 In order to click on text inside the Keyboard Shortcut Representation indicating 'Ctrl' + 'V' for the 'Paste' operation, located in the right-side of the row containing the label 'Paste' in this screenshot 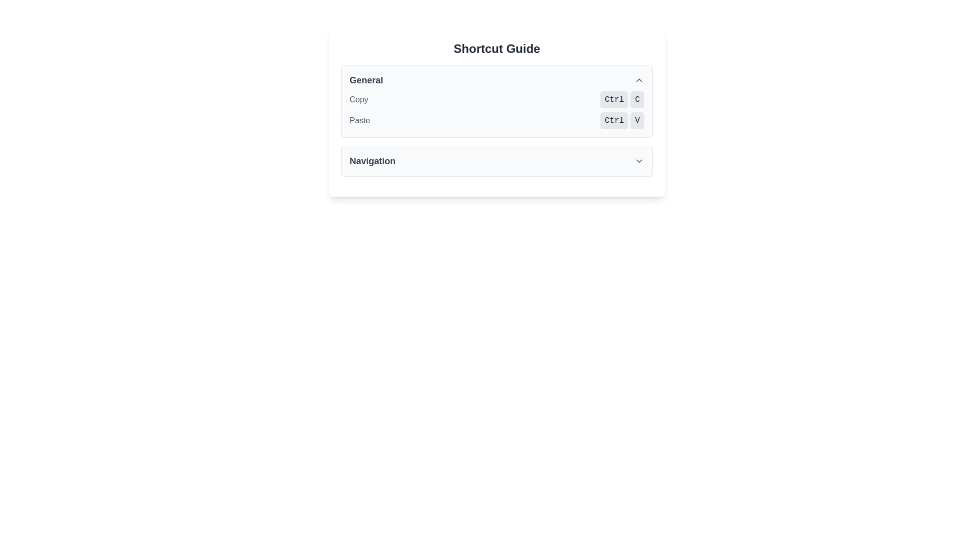, I will do `click(622, 120)`.